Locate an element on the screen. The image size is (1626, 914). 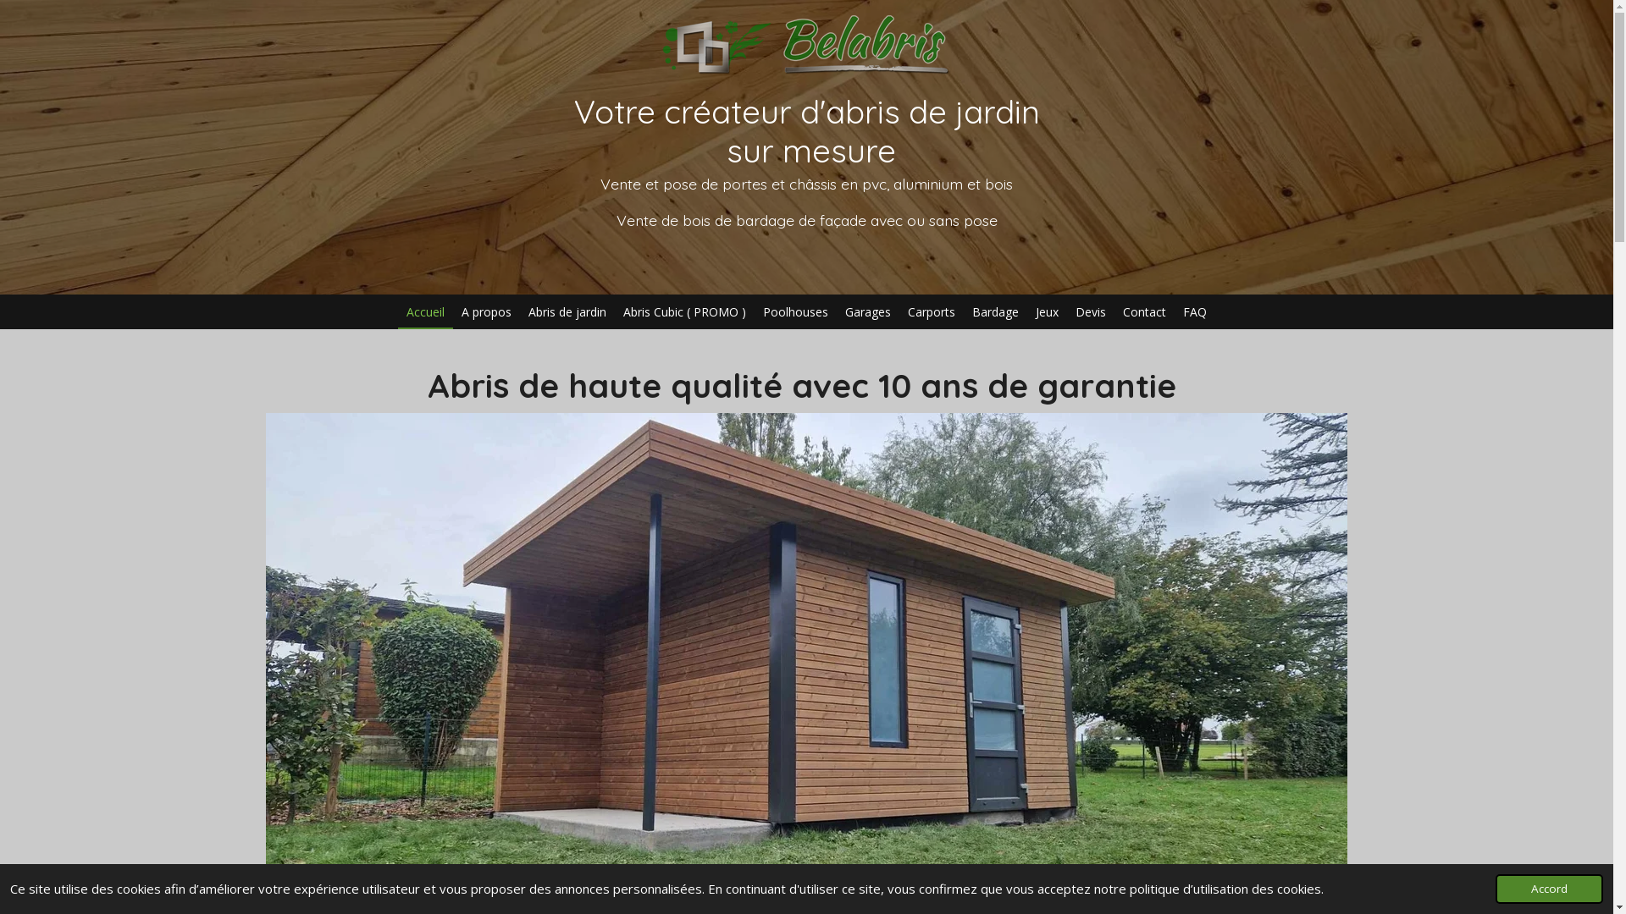
'Bardage' is located at coordinates (995, 311).